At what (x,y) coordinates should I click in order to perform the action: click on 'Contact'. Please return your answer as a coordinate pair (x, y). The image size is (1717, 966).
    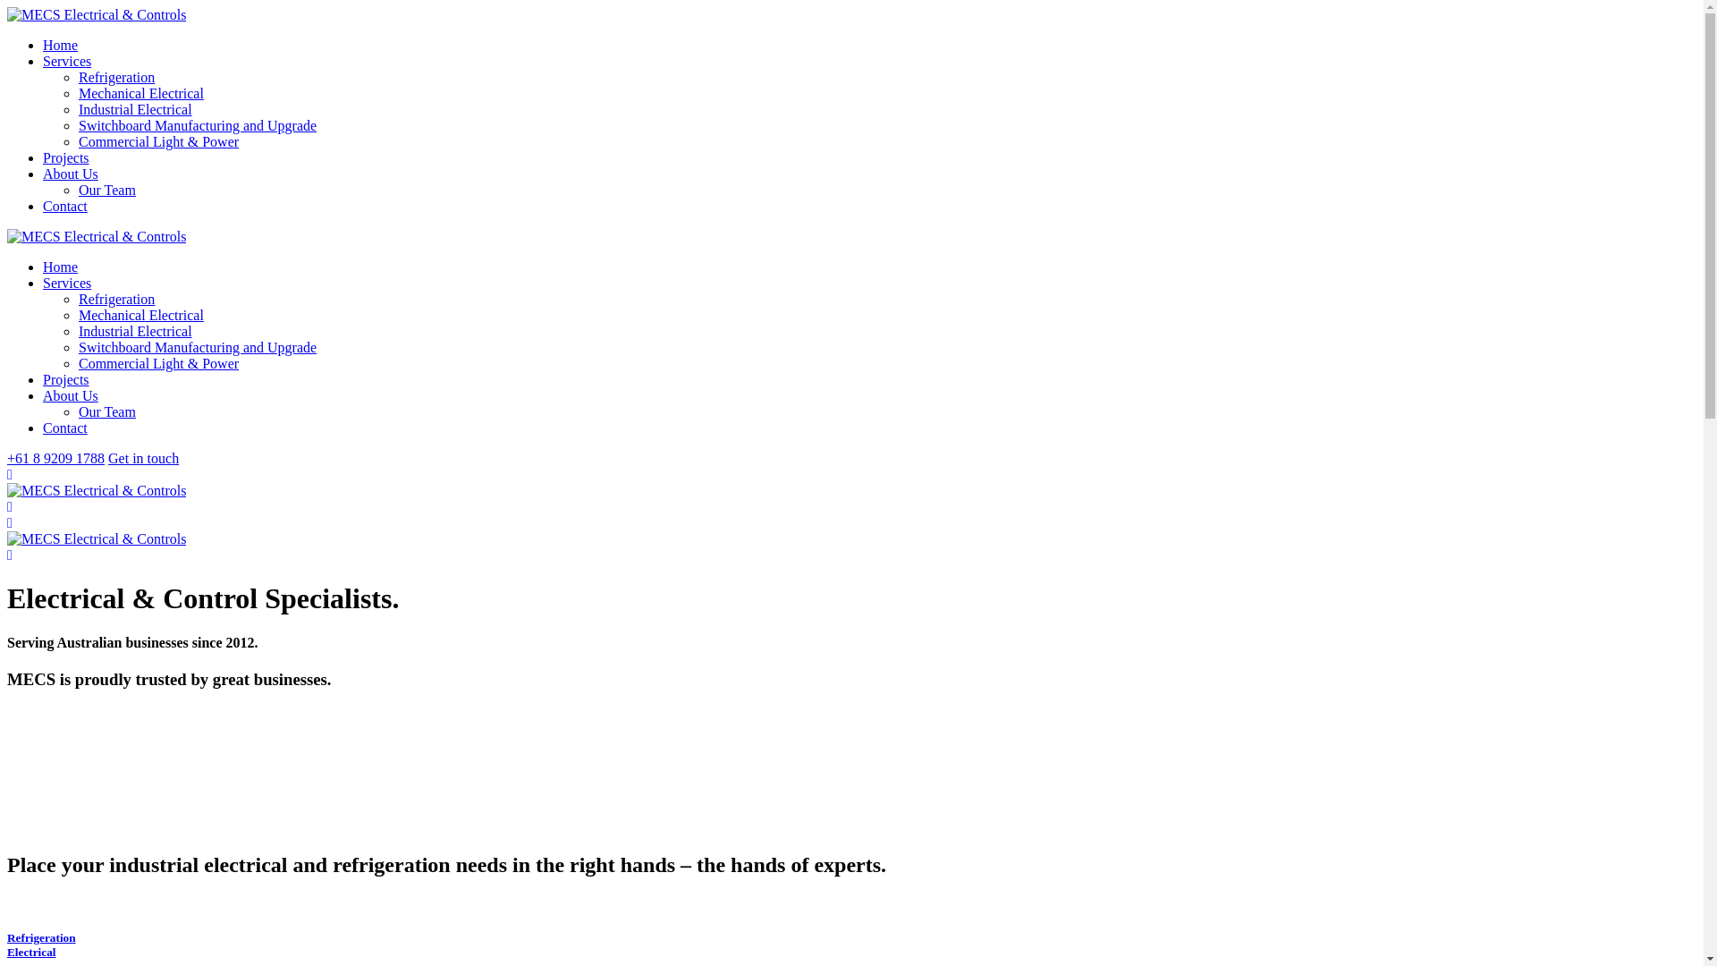
    Looking at the image, I should click on (64, 205).